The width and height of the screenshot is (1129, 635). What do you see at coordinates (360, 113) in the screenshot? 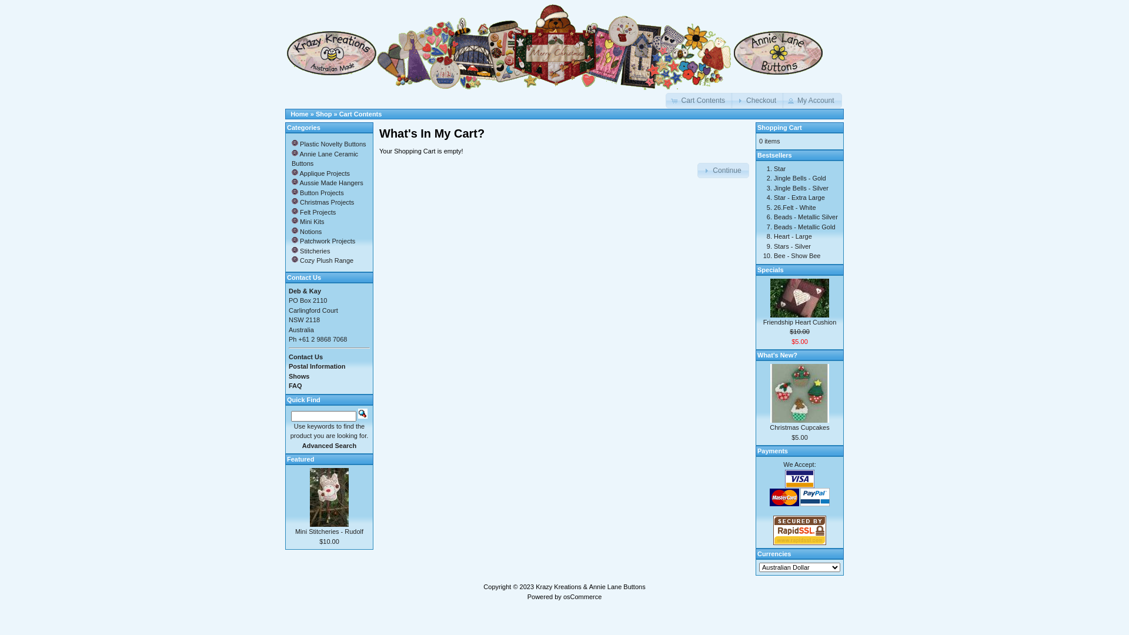
I see `'Cart Contents'` at bounding box center [360, 113].